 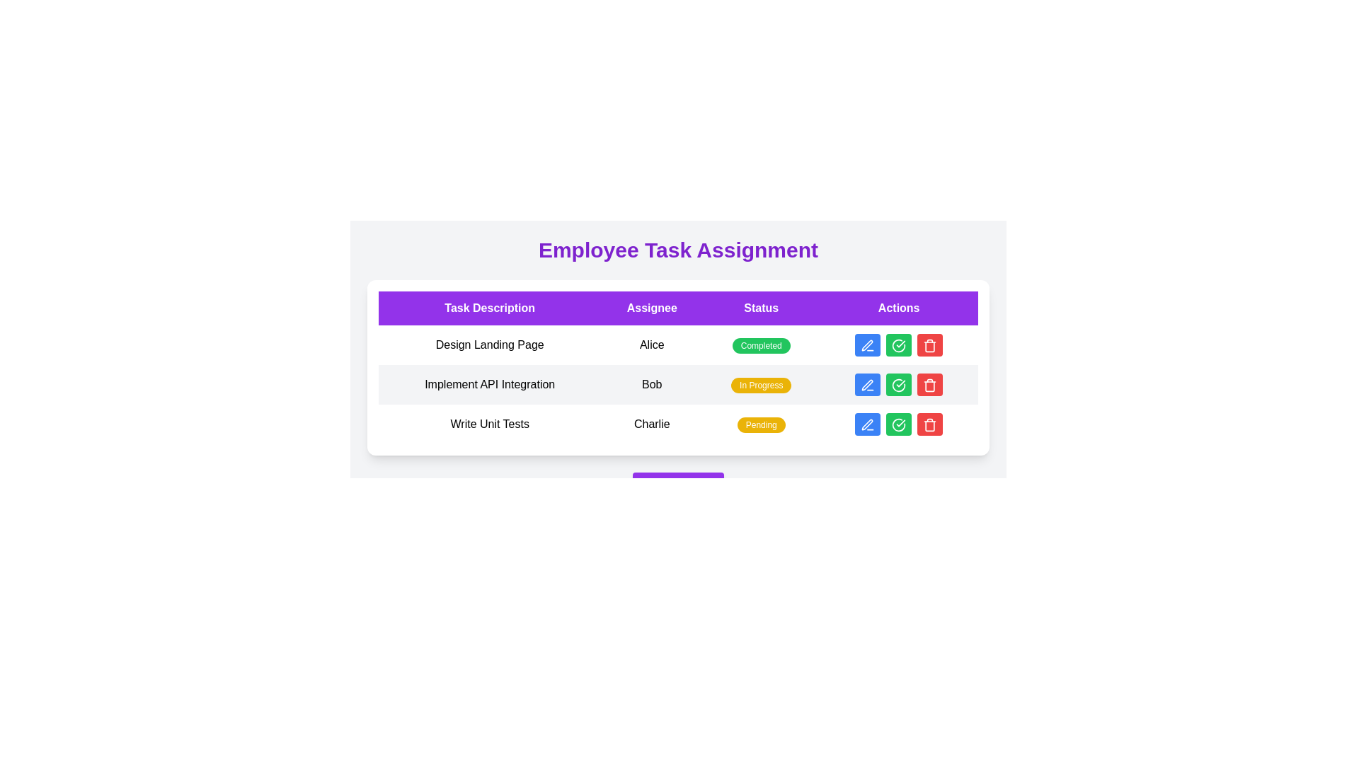 I want to click on the confirmation button in the 'Actions' column, so click(x=898, y=385).